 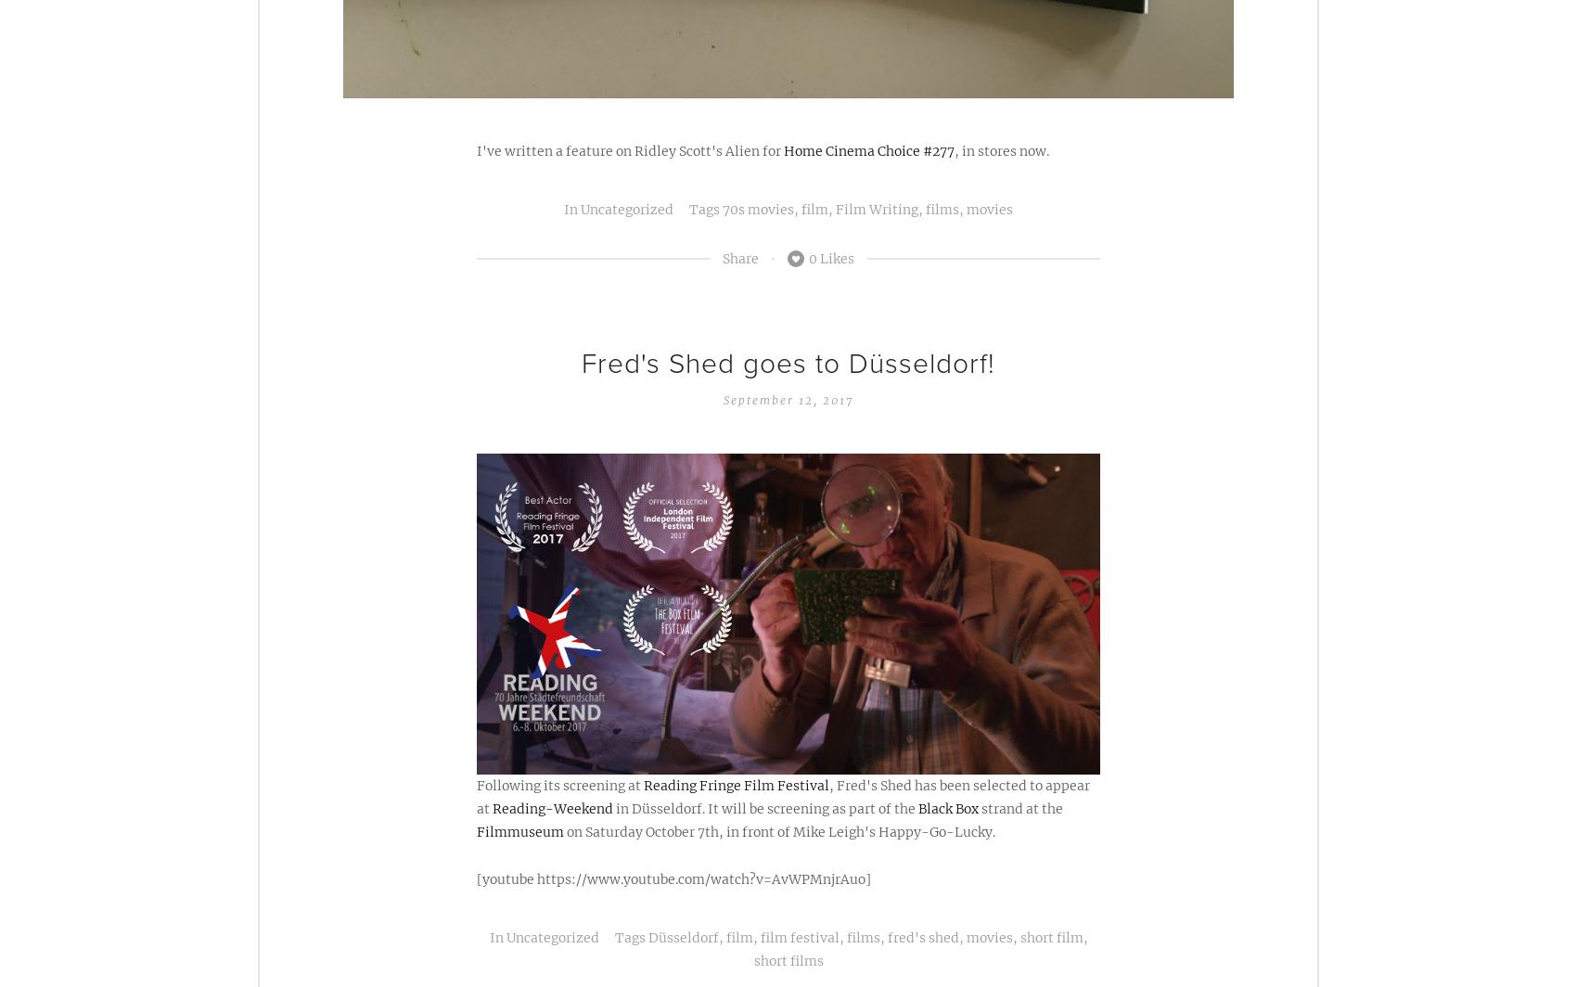 I want to click on 'I've written a feature on Ridley Scott's Alien for', so click(x=630, y=150).